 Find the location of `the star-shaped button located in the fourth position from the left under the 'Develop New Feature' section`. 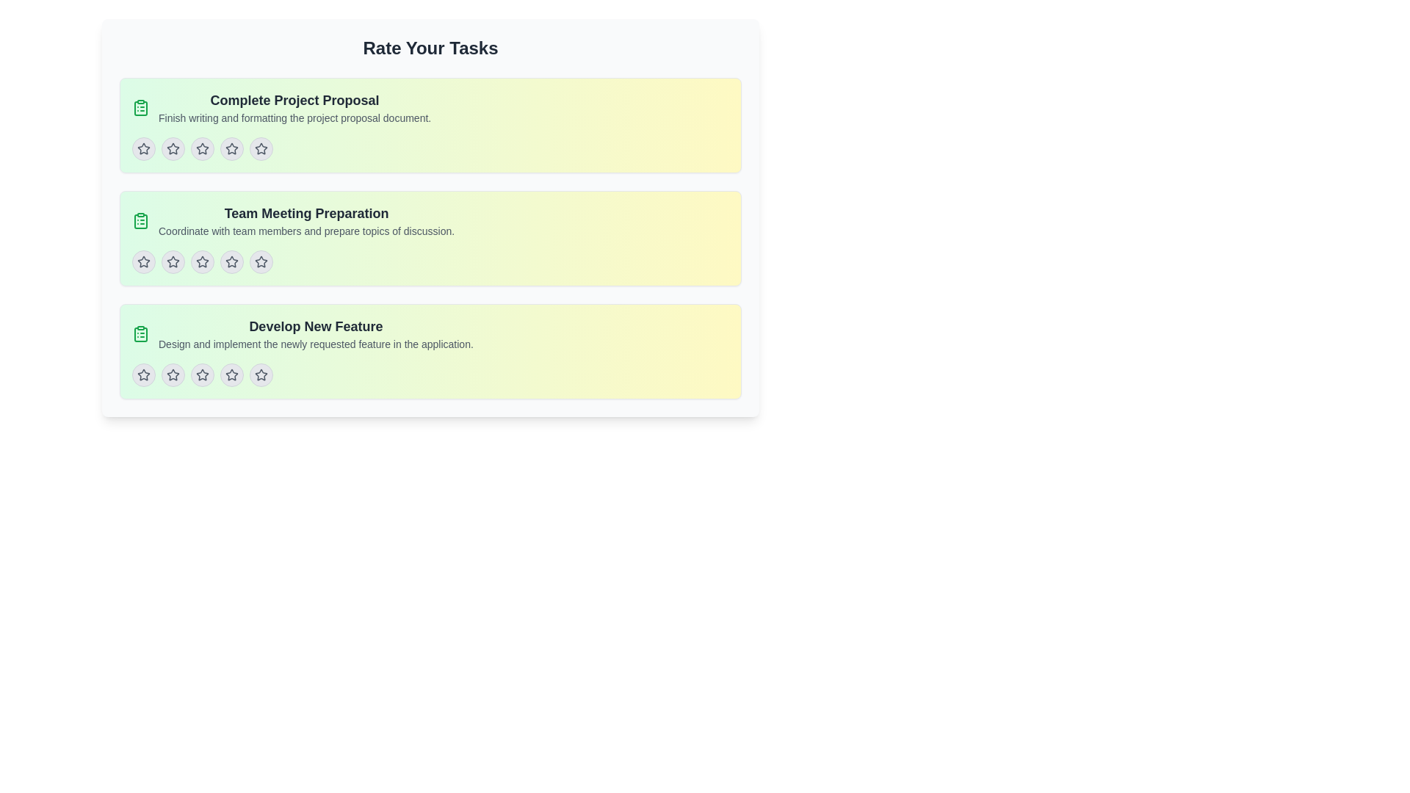

the star-shaped button located in the fourth position from the left under the 'Develop New Feature' section is located at coordinates (231, 374).